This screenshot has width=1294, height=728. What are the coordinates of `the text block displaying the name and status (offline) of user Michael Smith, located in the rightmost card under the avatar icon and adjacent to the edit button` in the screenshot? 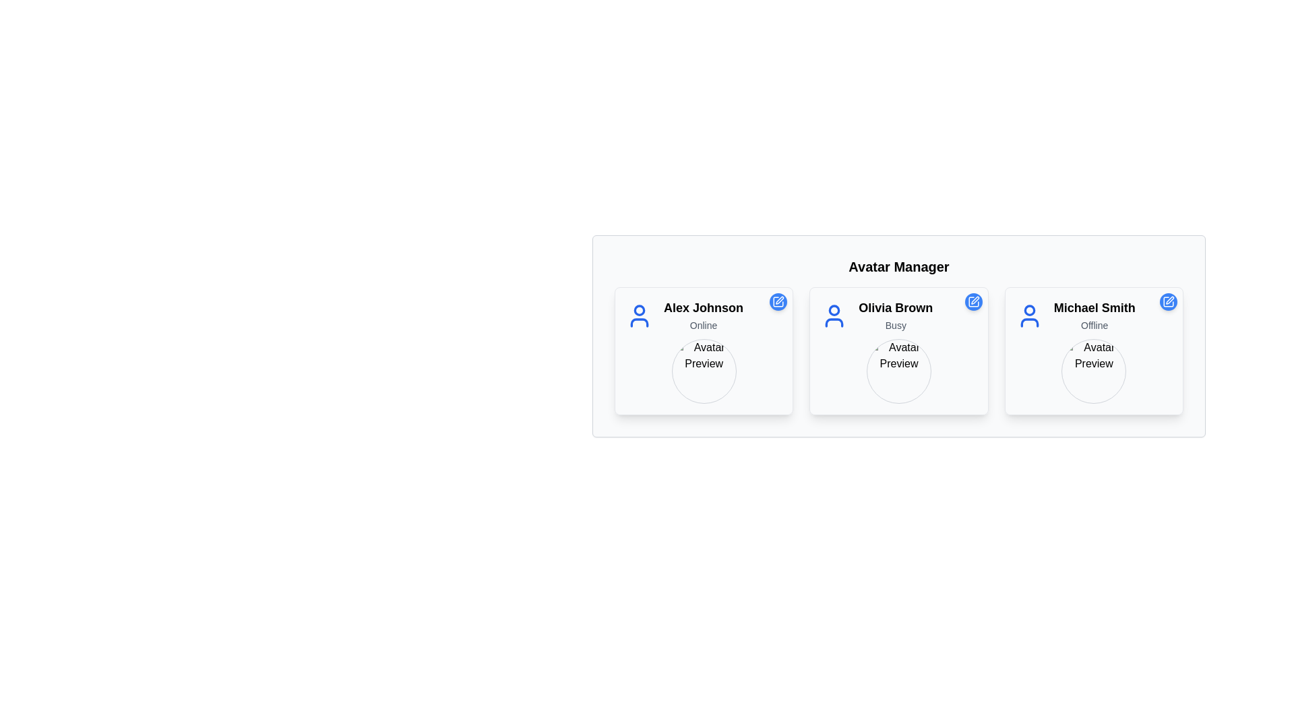 It's located at (1095, 316).